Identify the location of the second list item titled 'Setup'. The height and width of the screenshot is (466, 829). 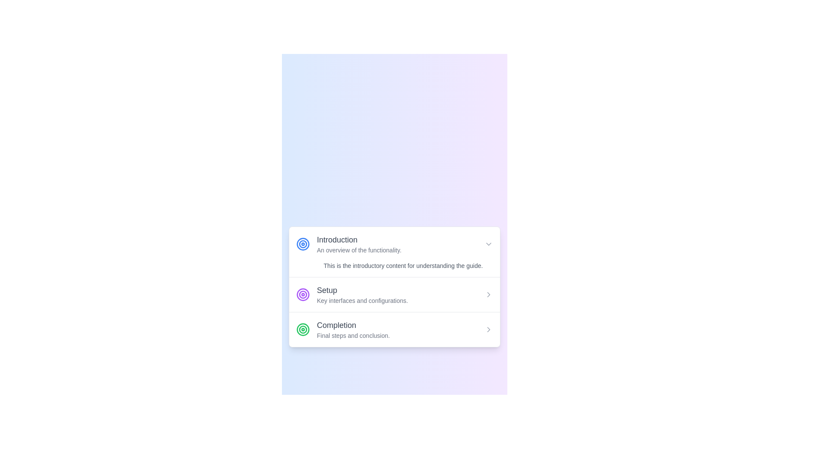
(394, 294).